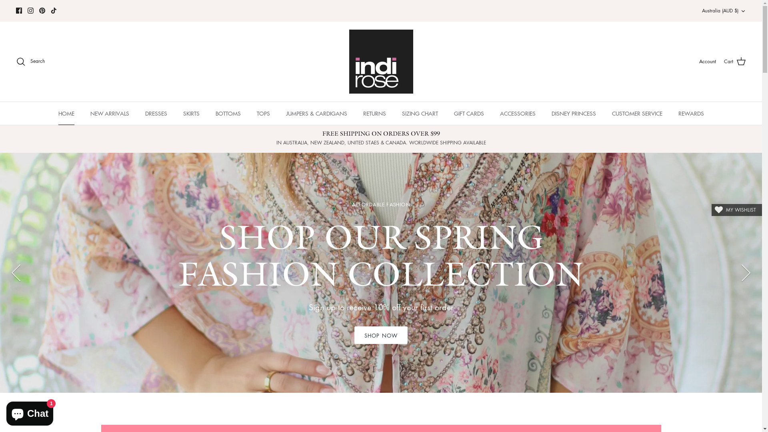 This screenshot has height=432, width=768. Describe the element at coordinates (724, 11) in the screenshot. I see `'Australia (AUD $)` at that location.